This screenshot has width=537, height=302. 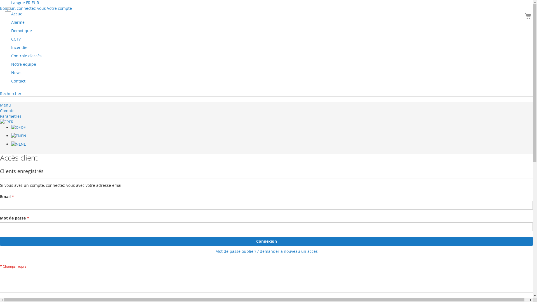 I want to click on 'Incendie', so click(x=19, y=47).